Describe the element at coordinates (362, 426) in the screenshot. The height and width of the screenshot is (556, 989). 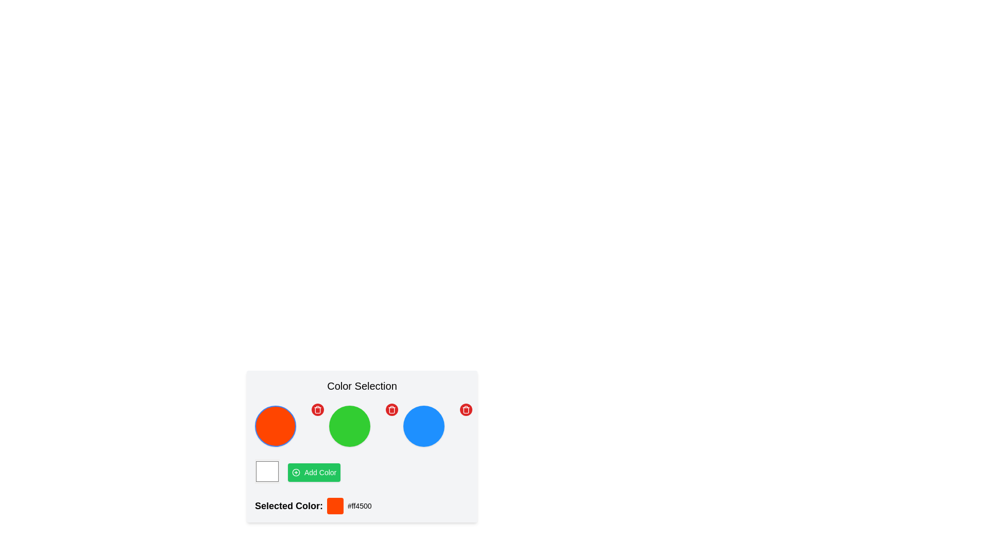
I see `the green color selection button located between the red and blue circular buttons` at that location.